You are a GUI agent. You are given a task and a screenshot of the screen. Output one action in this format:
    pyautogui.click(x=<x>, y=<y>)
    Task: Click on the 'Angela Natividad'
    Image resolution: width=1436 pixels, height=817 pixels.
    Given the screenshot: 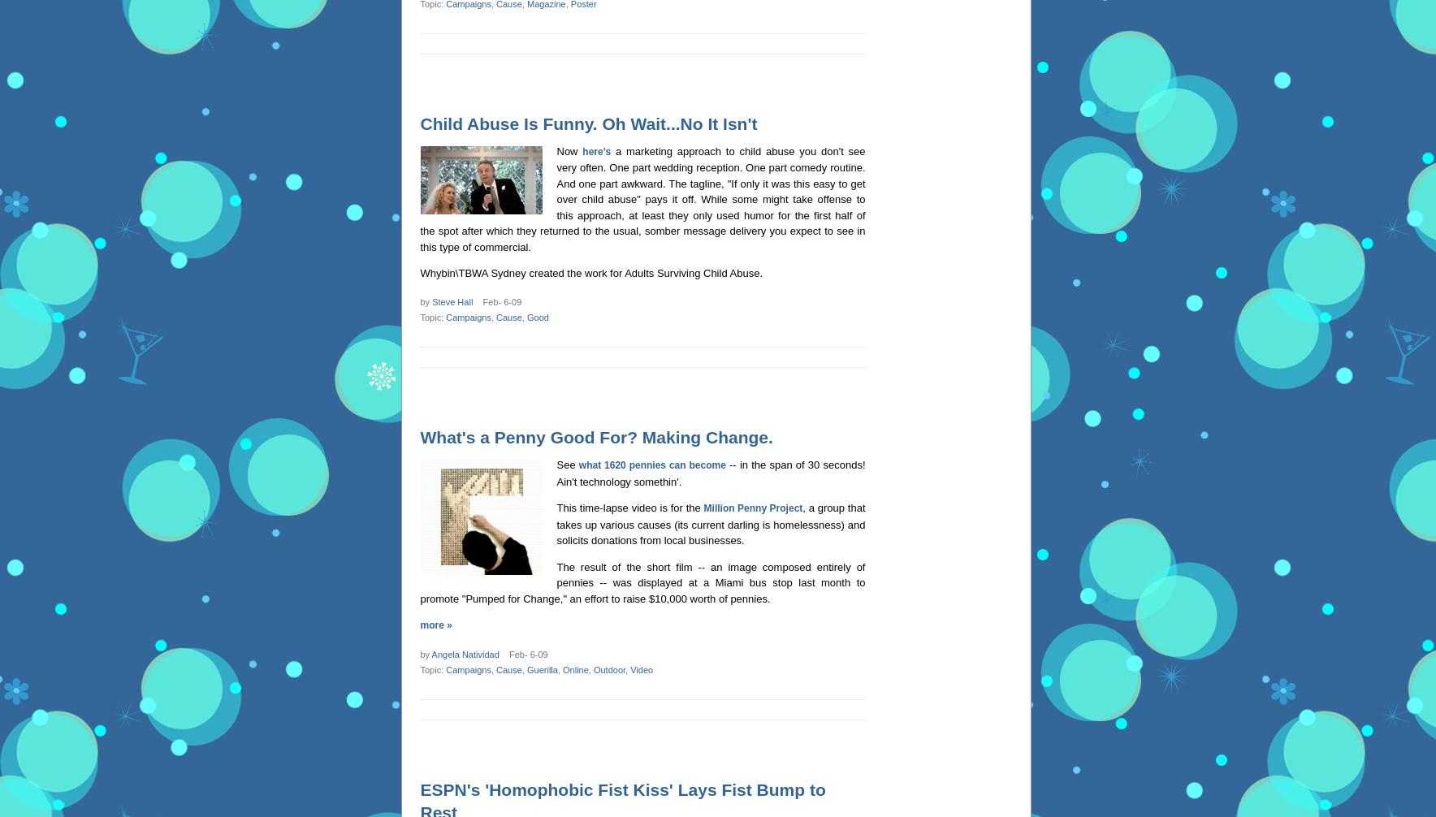 What is the action you would take?
    pyautogui.click(x=464, y=653)
    